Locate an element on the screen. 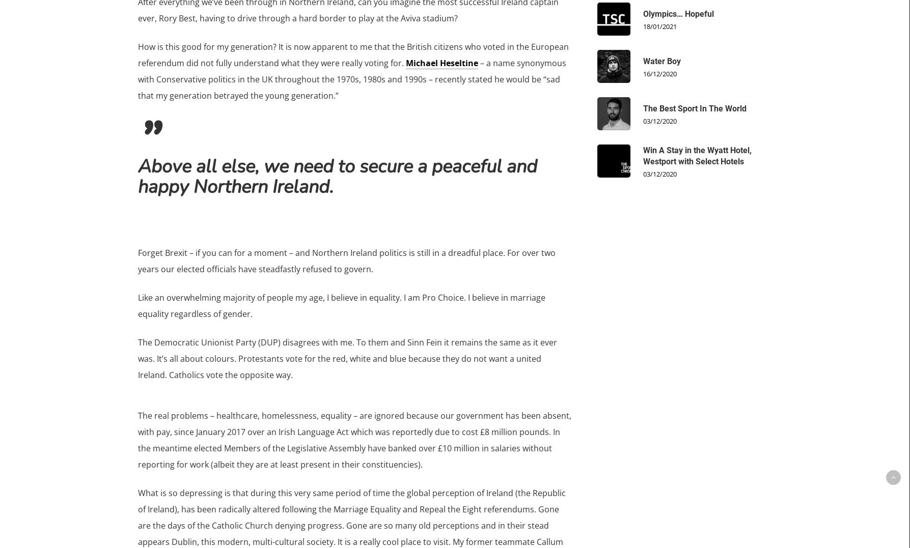 This screenshot has width=910, height=548. 'Podcast' is located at coordinates (151, 372).